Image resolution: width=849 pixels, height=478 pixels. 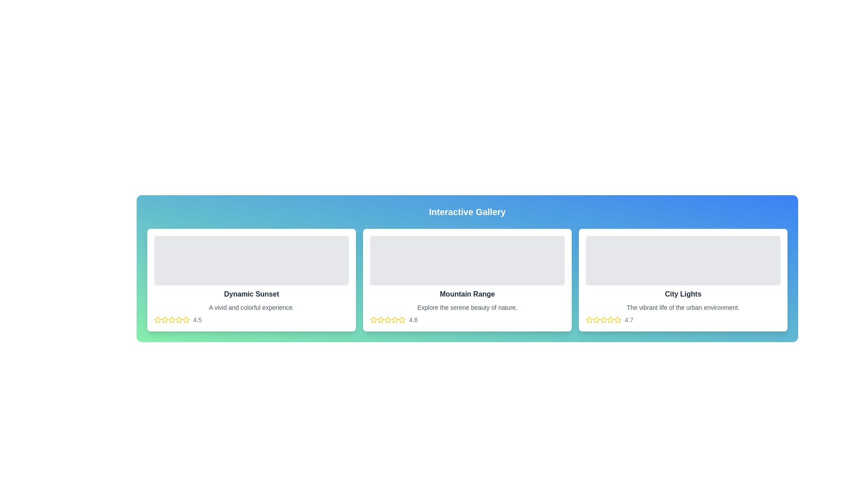 I want to click on the fourth star in the star rating system under the 'City Lights' card to choose a specific rating, so click(x=610, y=319).